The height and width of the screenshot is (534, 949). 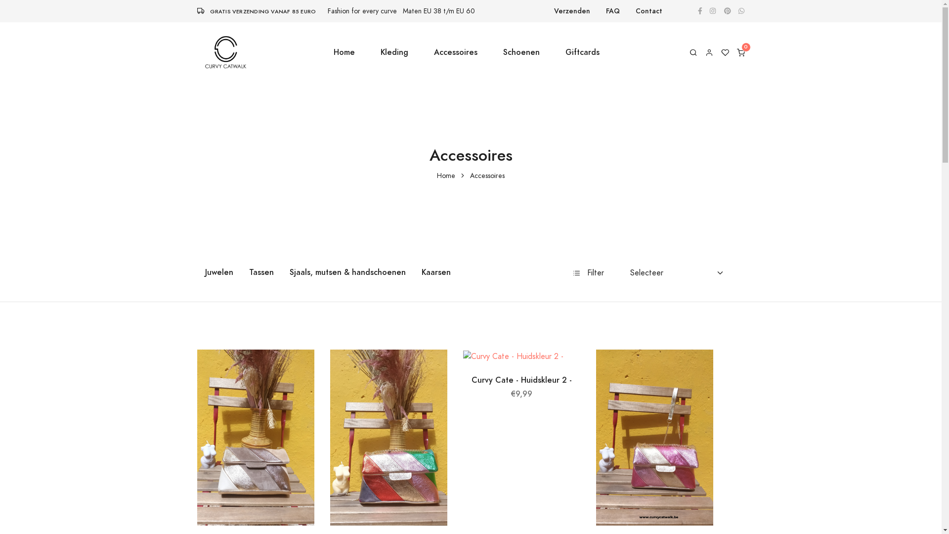 I want to click on 'Verzenden', so click(x=572, y=11).